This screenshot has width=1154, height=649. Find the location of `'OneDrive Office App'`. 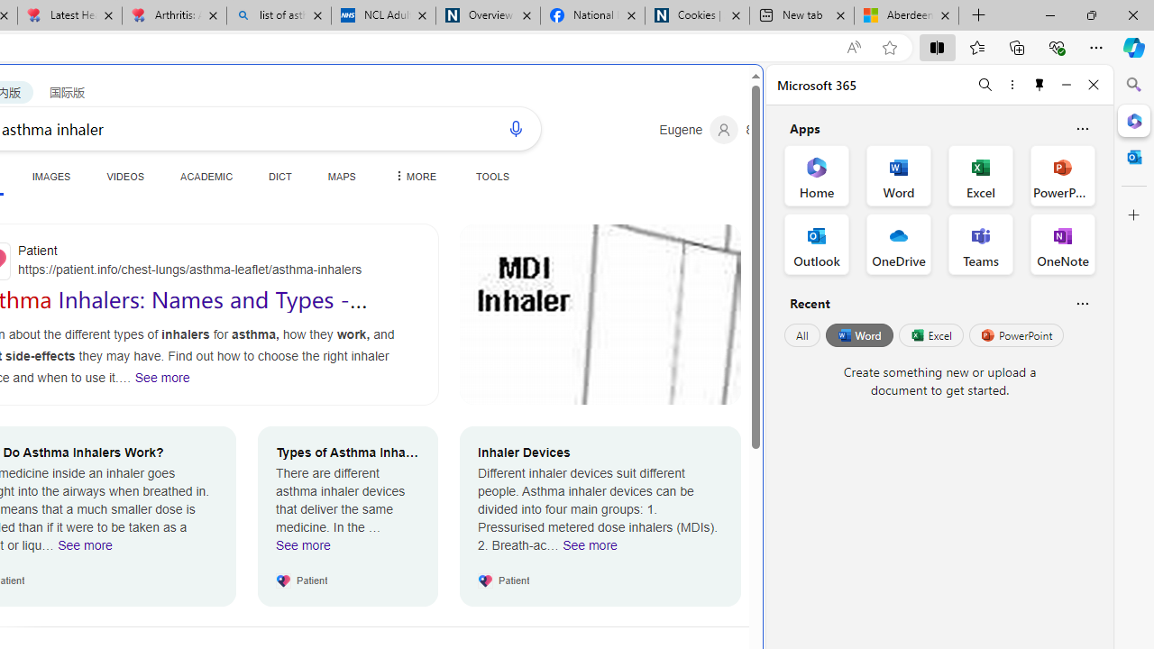

'OneDrive Office App' is located at coordinates (899, 244).